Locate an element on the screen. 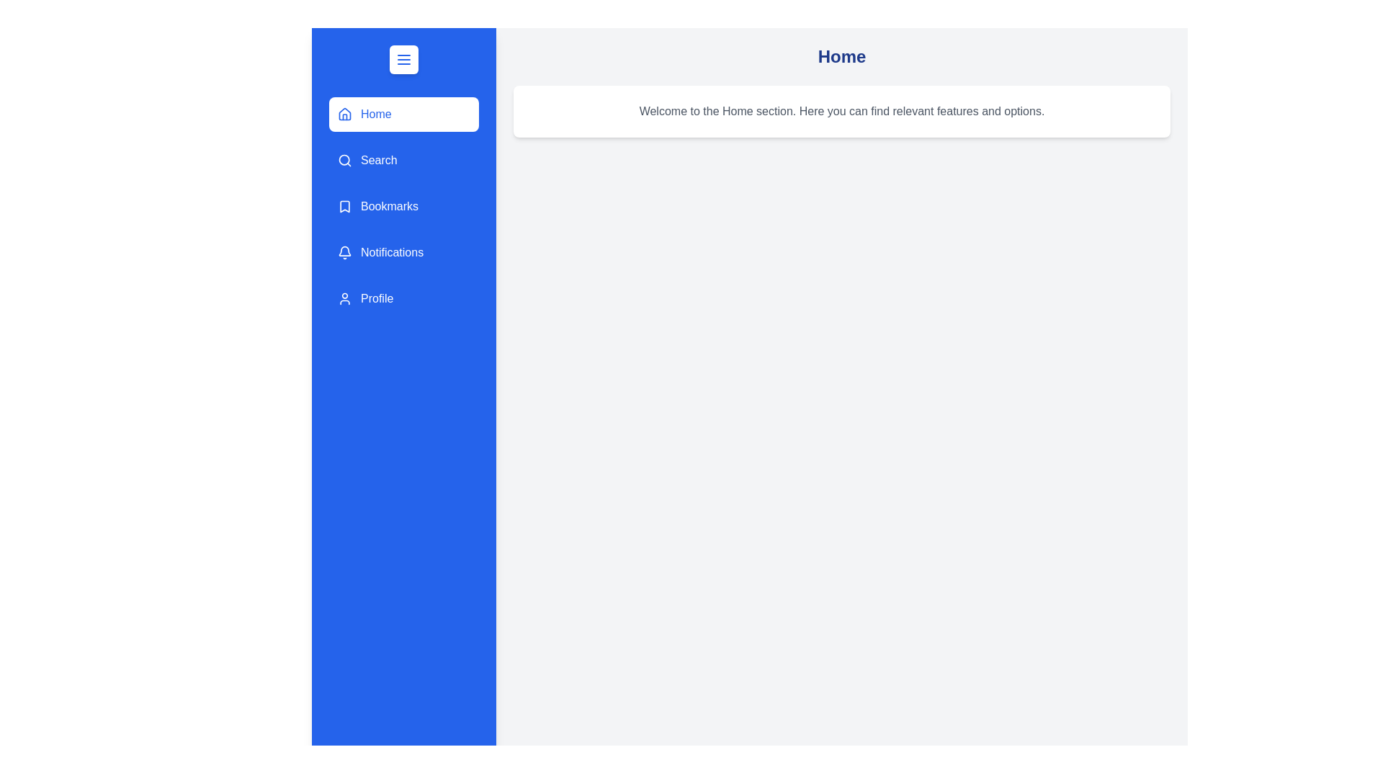  the menu item Bookmarks from the drawer is located at coordinates (403, 206).